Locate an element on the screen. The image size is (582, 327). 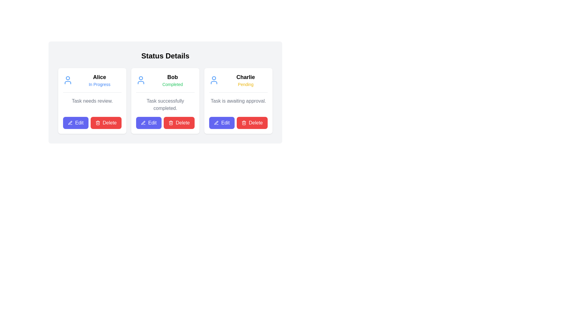
the pen icon within the Edit button of the second card for user 'Bob' to initiate the edit action is located at coordinates (143, 123).